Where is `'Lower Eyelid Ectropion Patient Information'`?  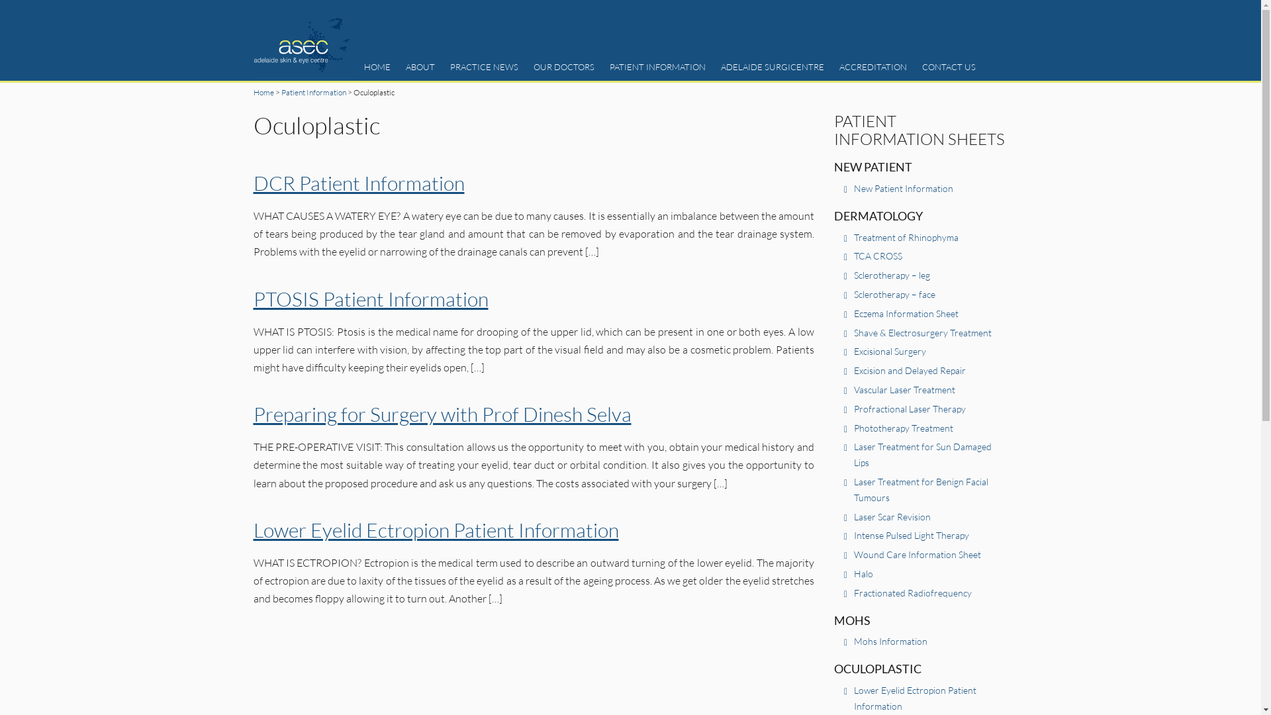 'Lower Eyelid Ectropion Patient Information' is located at coordinates (914, 697).